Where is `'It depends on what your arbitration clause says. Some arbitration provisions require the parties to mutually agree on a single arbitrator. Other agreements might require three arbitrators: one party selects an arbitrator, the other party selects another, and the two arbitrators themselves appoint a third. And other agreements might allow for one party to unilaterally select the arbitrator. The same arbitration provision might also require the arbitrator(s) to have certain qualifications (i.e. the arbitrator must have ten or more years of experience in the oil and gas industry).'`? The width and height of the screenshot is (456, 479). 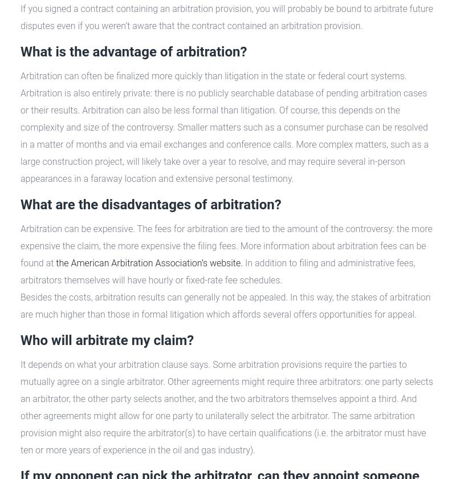
'It depends on what your arbitration clause says. Some arbitration provisions require the parties to mutually agree on a single arbitrator. Other agreements might require three arbitrators: one party selects an arbitrator, the other party selects another, and the two arbitrators themselves appoint a third. And other agreements might allow for one party to unilaterally select the arbitrator. The same arbitration provision might also require the arbitrator(s) to have certain qualifications (i.e. the arbitrator must have ten or more years of experience in the oil and gas industry).' is located at coordinates (226, 407).